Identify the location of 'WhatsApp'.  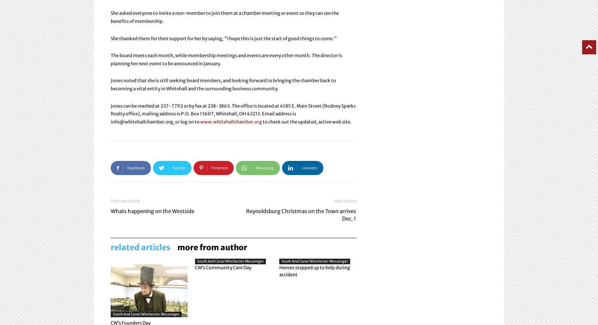
(264, 167).